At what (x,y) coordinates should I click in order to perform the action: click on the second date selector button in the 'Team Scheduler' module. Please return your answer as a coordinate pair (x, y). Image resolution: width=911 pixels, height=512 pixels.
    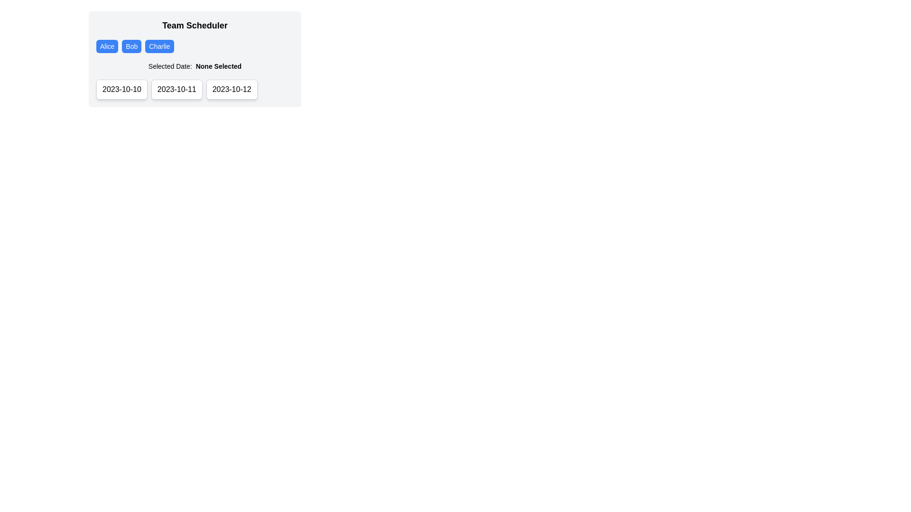
    Looking at the image, I should click on (195, 90).